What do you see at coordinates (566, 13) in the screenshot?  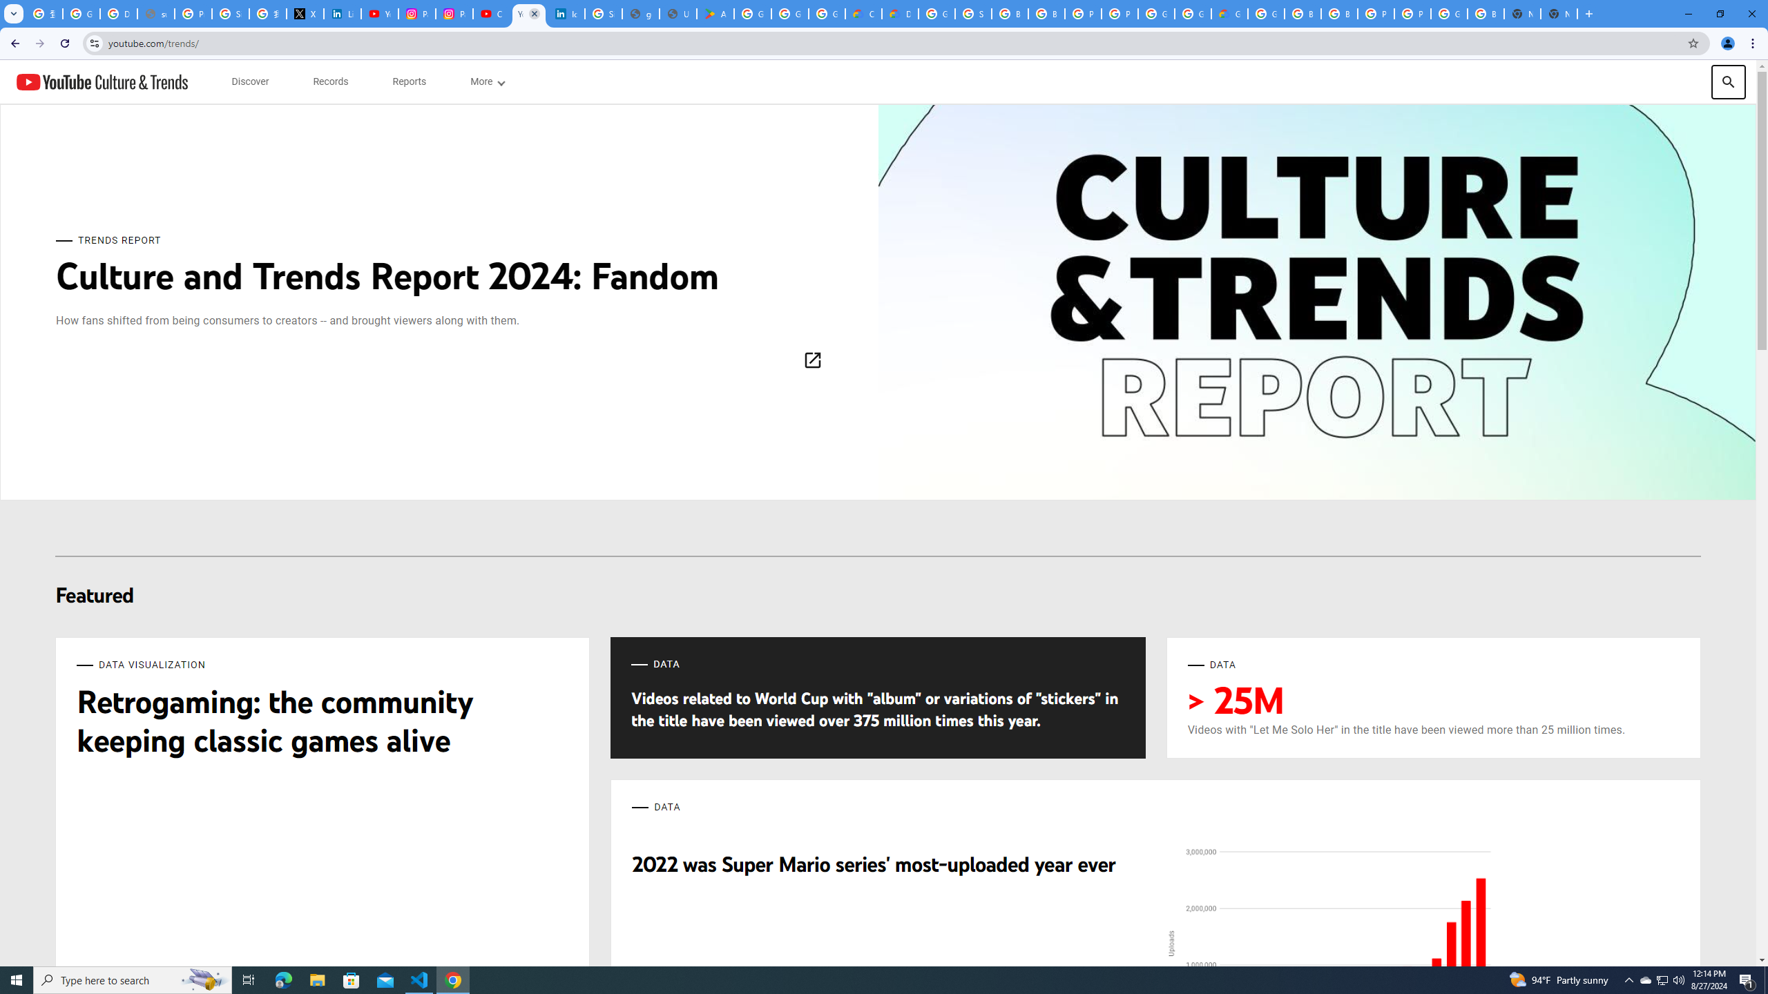 I see `'Identity verification via Persona | LinkedIn Help'` at bounding box center [566, 13].